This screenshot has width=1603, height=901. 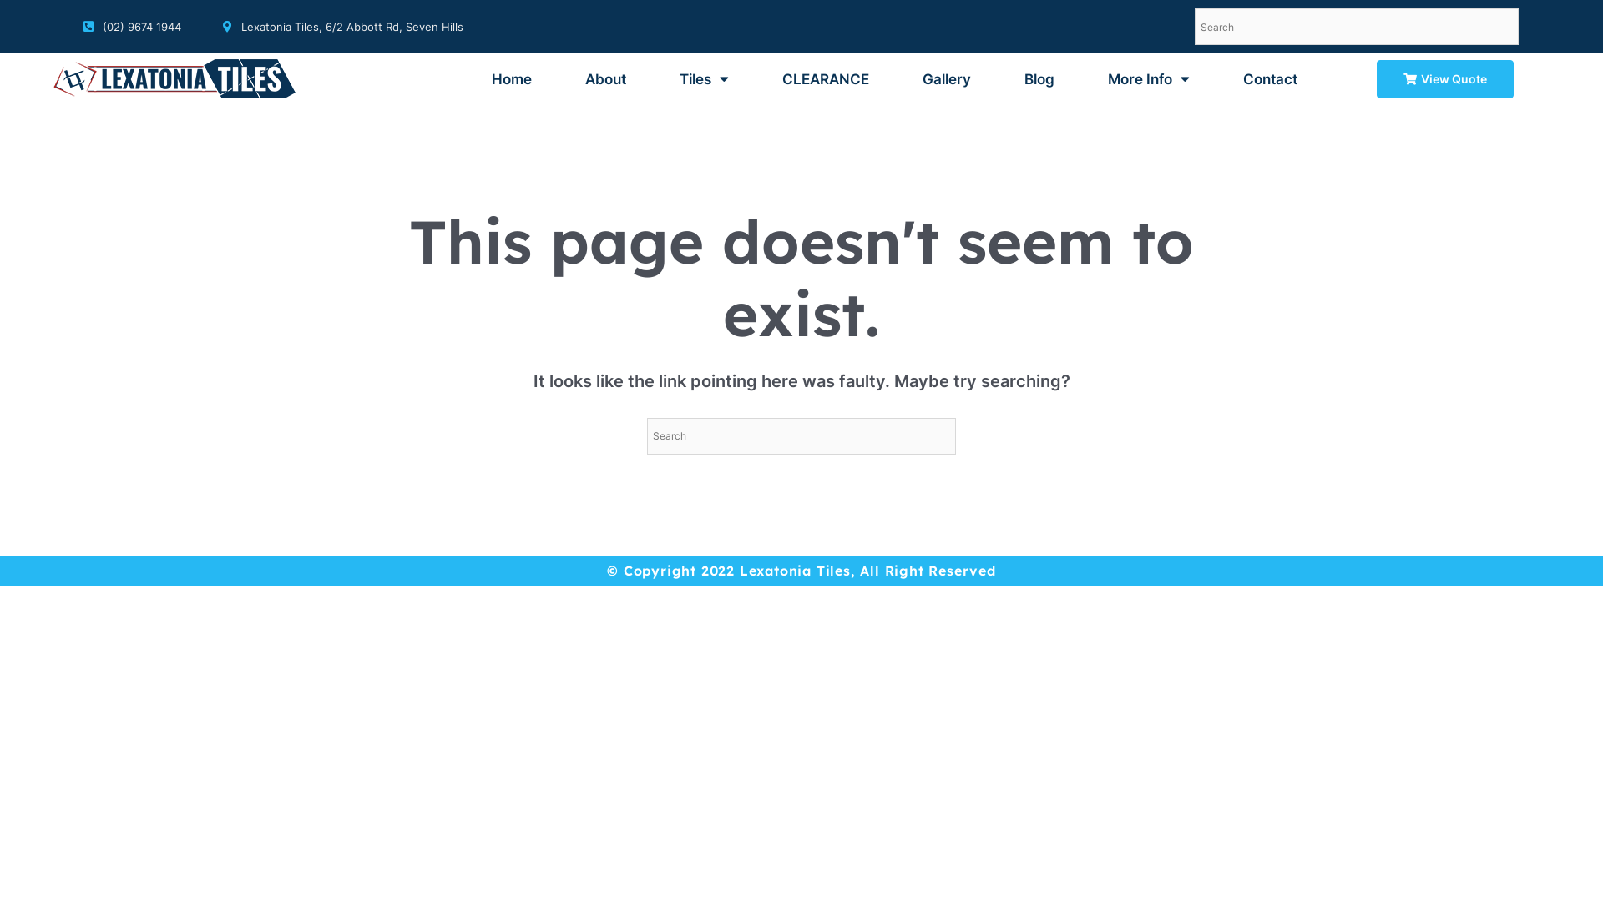 I want to click on 'Lexatonia Tiles, 6/2 Abbott Rd, Seven Hills', so click(x=341, y=26).